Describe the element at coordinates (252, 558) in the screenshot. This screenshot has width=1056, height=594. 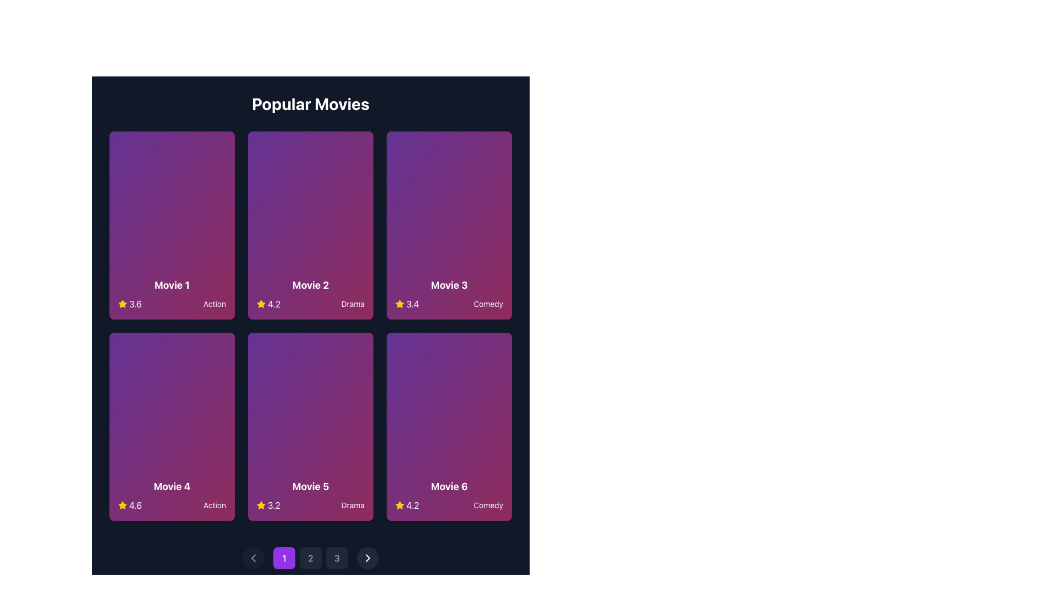
I see `the circular button containing the left-facing chevron icon to observe any hover effects` at that location.